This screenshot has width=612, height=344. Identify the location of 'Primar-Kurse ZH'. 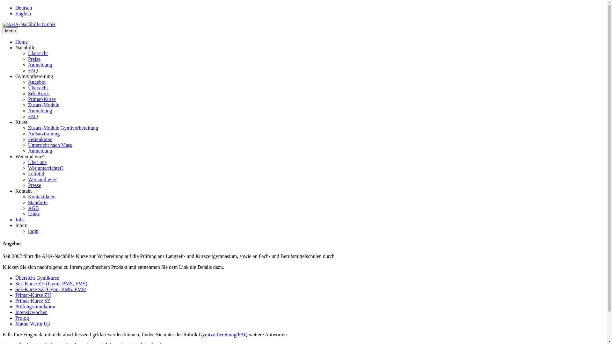
(33, 295).